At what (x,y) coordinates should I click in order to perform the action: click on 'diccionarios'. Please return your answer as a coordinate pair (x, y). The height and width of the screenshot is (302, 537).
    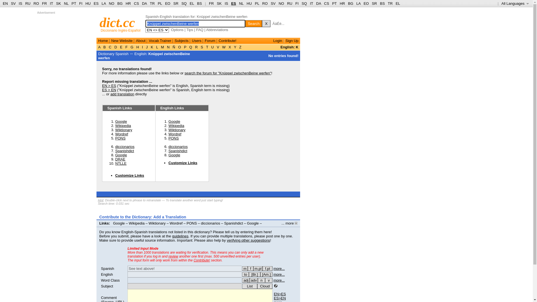
    Looking at the image, I should click on (178, 146).